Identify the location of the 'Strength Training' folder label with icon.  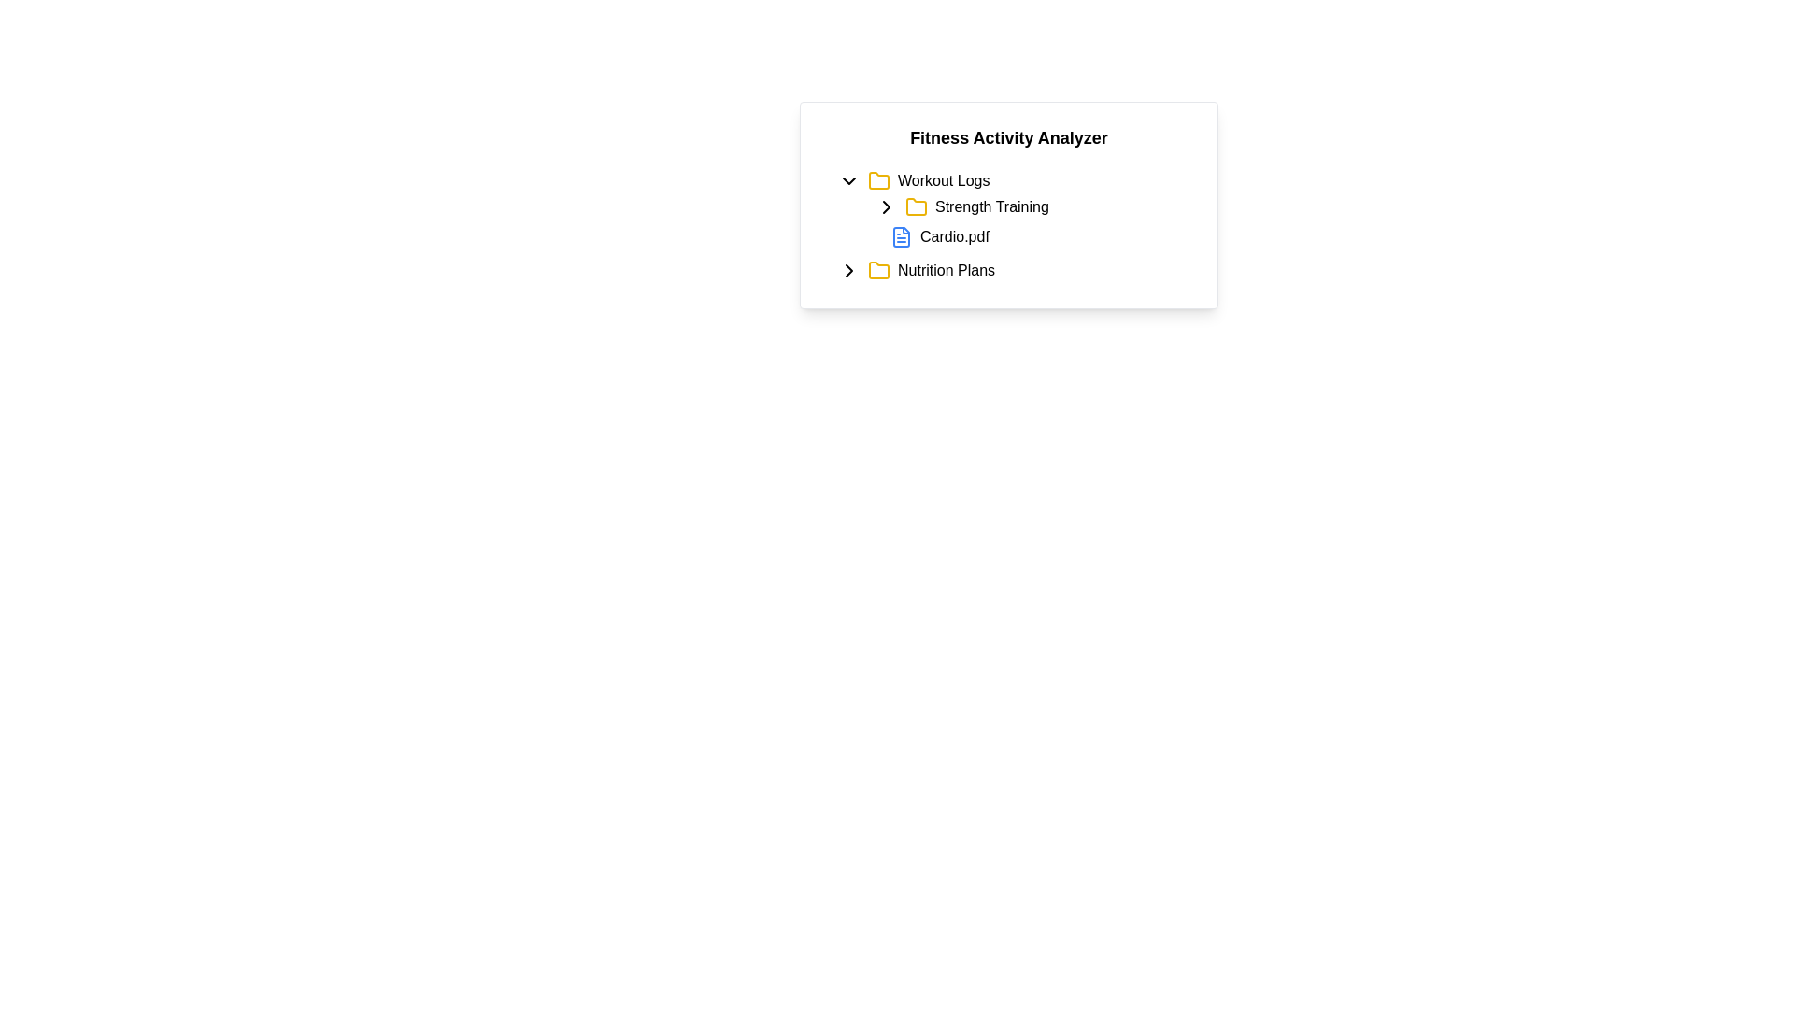
(1026, 207).